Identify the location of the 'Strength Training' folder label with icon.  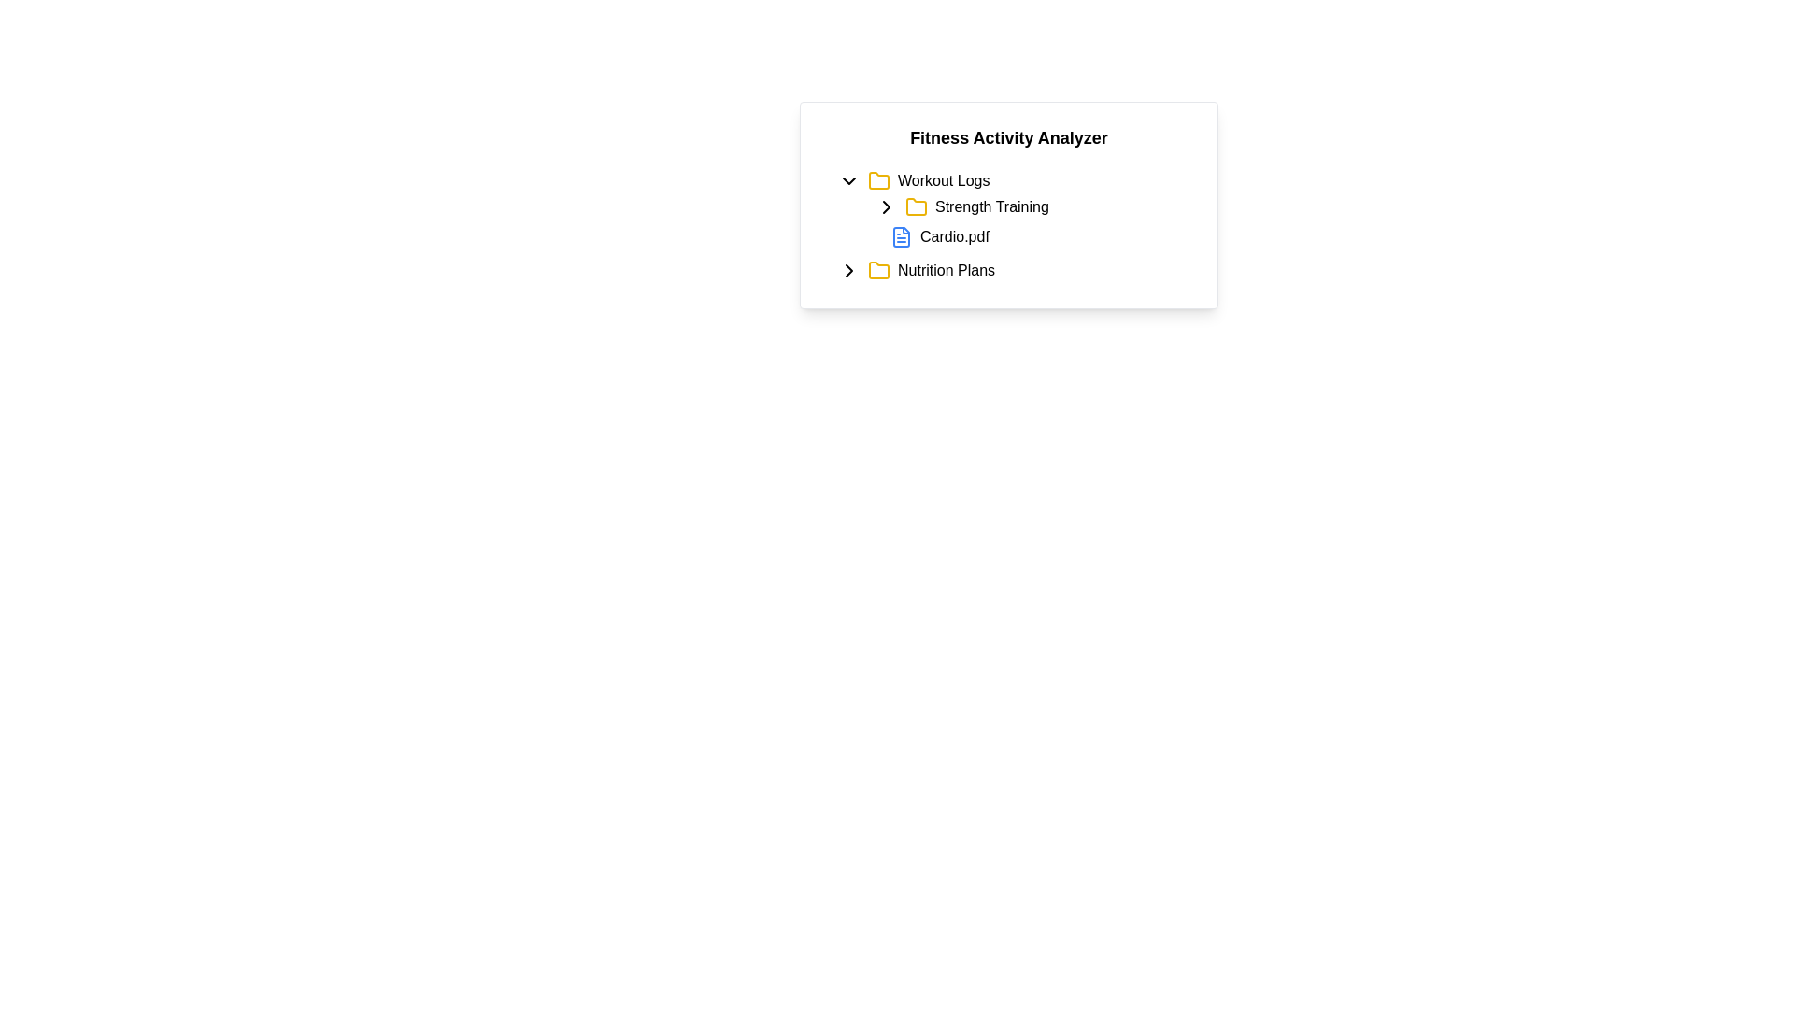
(1026, 207).